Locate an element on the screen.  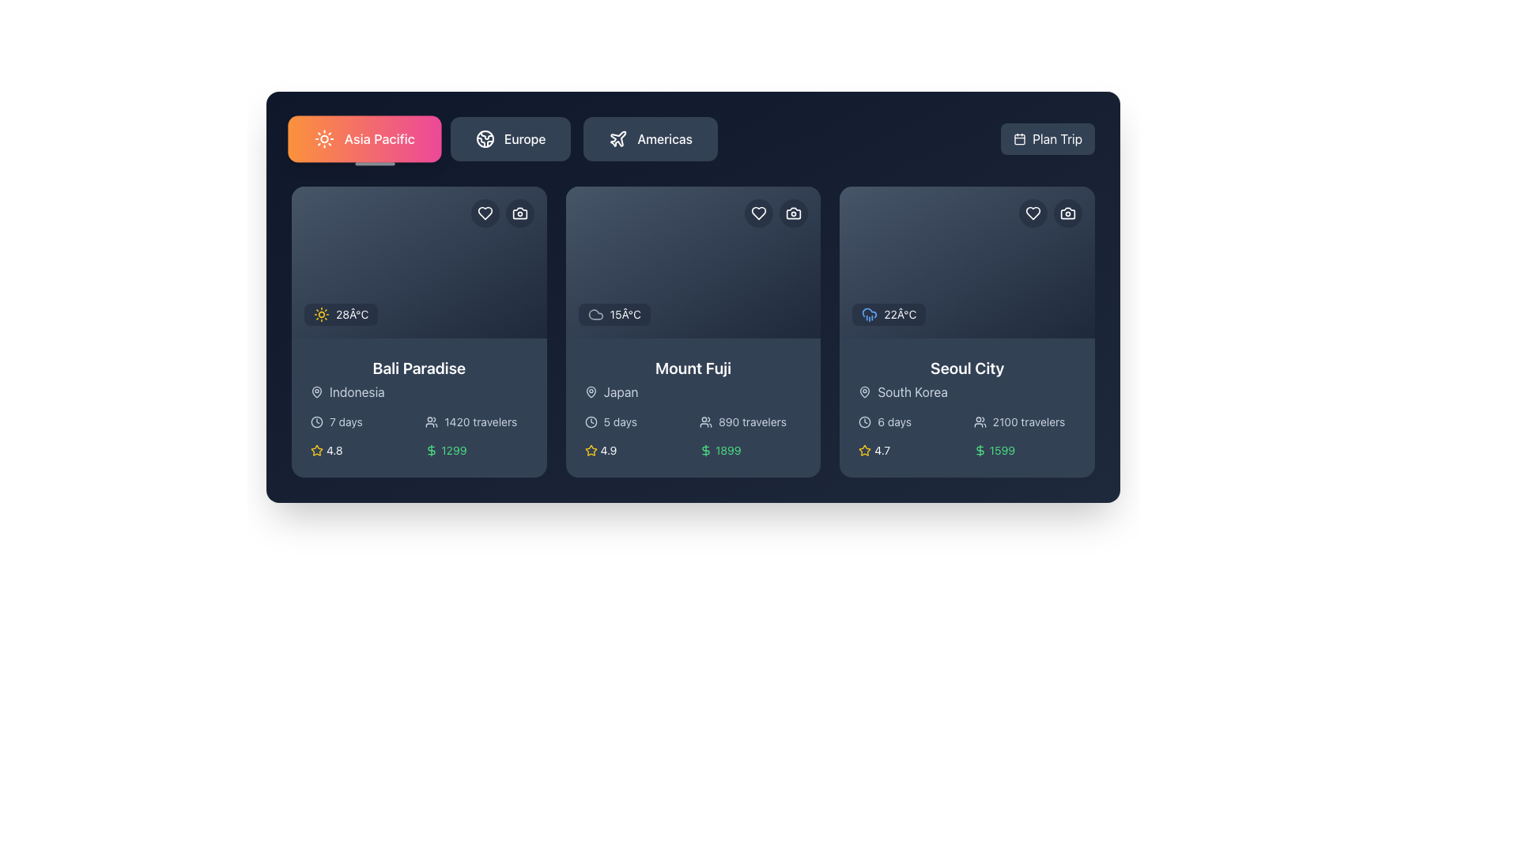
the temperature/weather condition label located at the bottom-left corner of the Bali Paradise destination card, which is aligned to the left and situated above the 'Indonesia' label is located at coordinates (340, 314).